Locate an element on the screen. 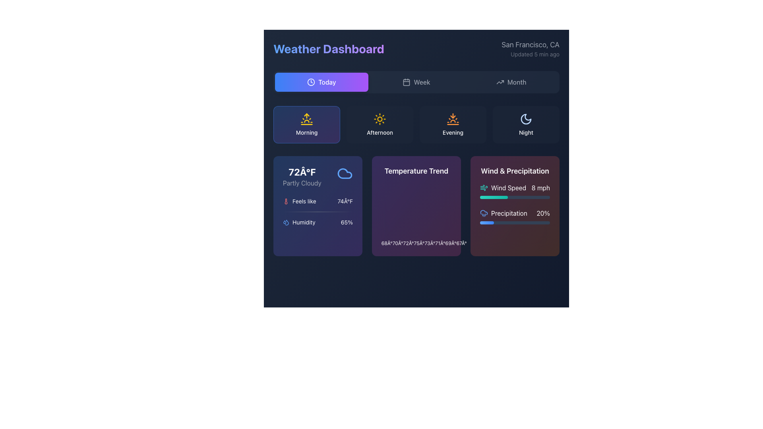  the vertical bar and label element indicating a temperature reading of '69°', which is part of a series of temperature values in the 'Temperature Trend' component is located at coordinates (451, 242).